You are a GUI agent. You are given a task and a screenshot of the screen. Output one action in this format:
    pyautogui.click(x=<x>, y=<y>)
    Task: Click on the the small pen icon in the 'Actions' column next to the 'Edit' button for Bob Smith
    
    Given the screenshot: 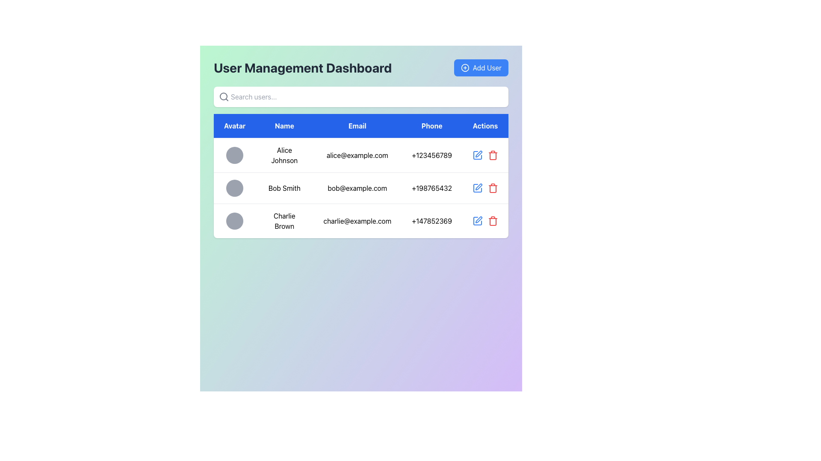 What is the action you would take?
    pyautogui.click(x=478, y=187)
    